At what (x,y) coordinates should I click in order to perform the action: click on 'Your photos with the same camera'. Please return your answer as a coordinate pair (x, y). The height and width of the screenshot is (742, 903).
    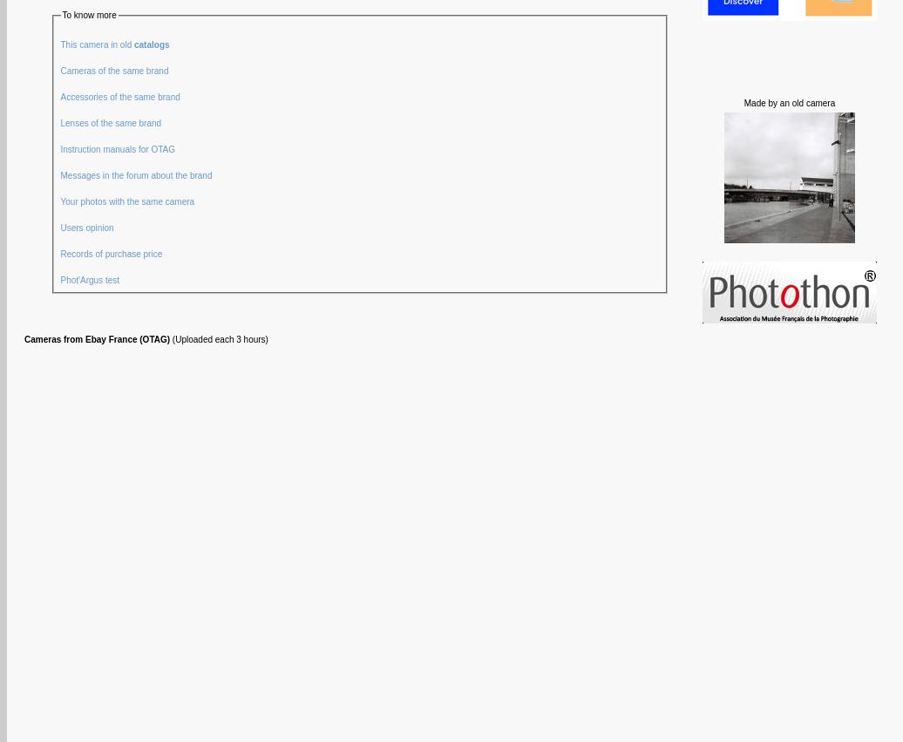
    Looking at the image, I should click on (128, 201).